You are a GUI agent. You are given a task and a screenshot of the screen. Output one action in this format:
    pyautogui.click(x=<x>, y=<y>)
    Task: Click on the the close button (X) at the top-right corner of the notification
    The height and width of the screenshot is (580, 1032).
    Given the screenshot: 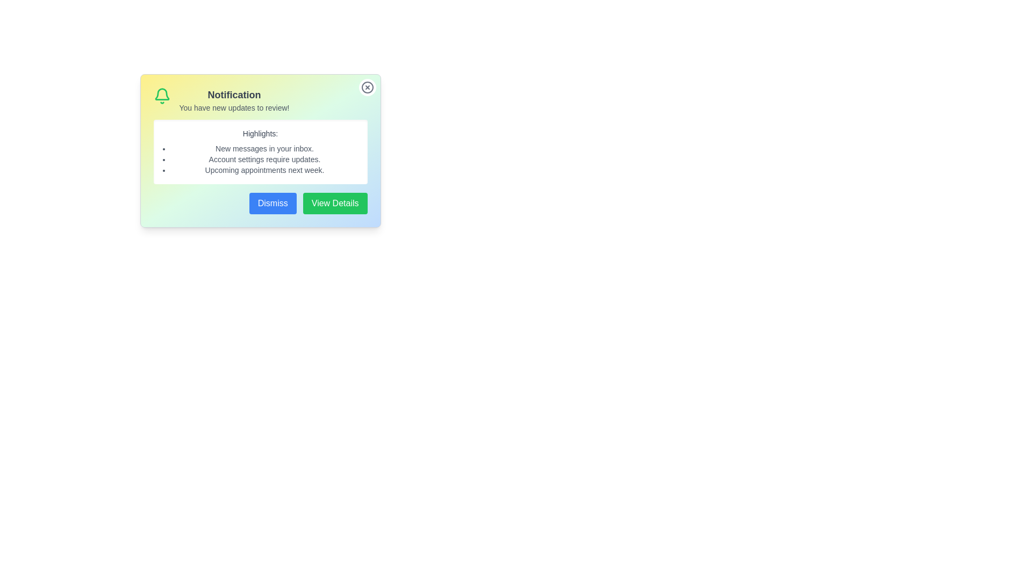 What is the action you would take?
    pyautogui.click(x=367, y=86)
    